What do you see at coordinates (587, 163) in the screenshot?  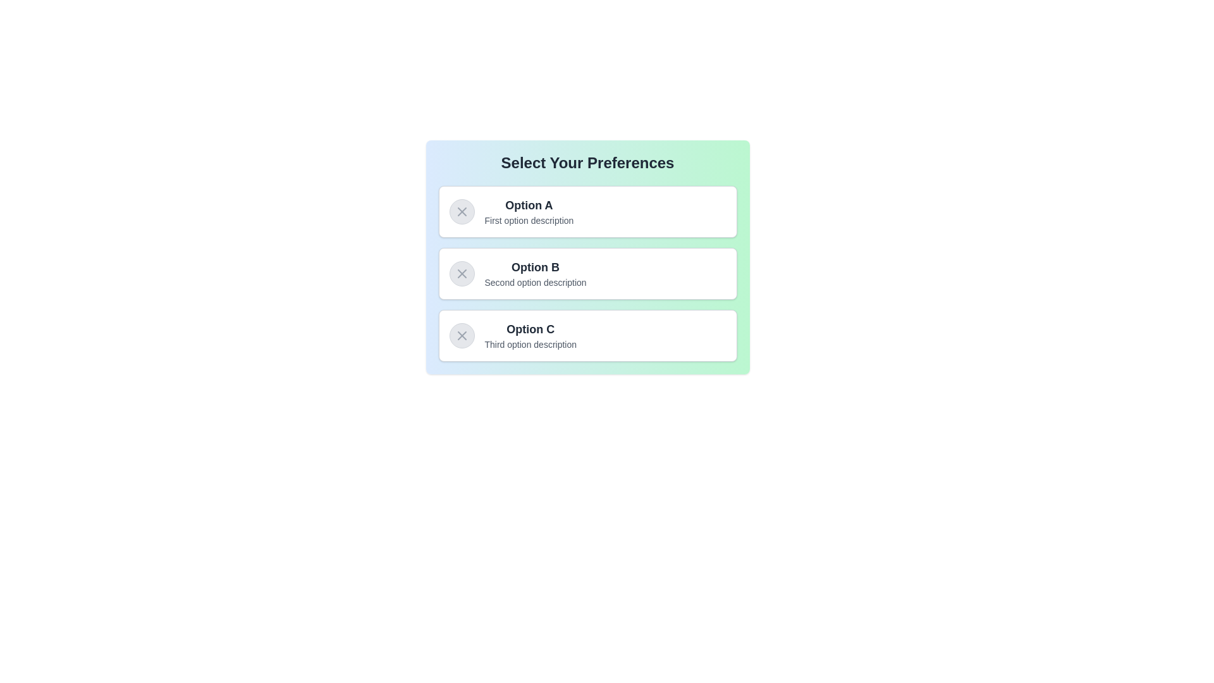 I see `the text block that serves as the title or heading of the section, which is located at the top of the options 'Option A', 'Option B', and 'Option C'` at bounding box center [587, 163].